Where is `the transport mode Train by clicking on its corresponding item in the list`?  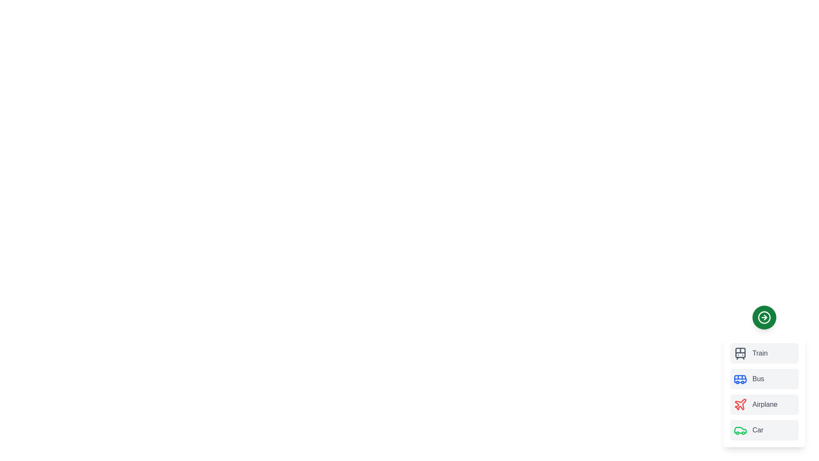 the transport mode Train by clicking on its corresponding item in the list is located at coordinates (764, 353).